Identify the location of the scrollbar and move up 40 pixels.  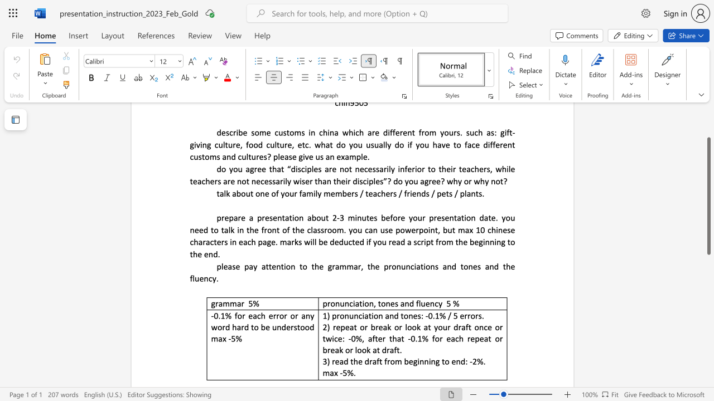
(708, 195).